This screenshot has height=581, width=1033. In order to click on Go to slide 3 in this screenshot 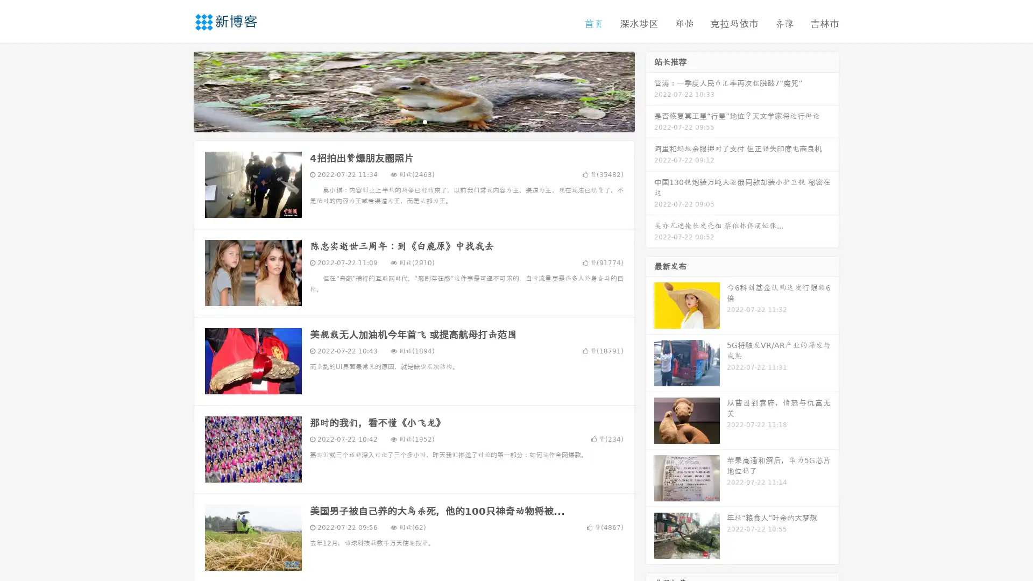, I will do `click(424, 121)`.